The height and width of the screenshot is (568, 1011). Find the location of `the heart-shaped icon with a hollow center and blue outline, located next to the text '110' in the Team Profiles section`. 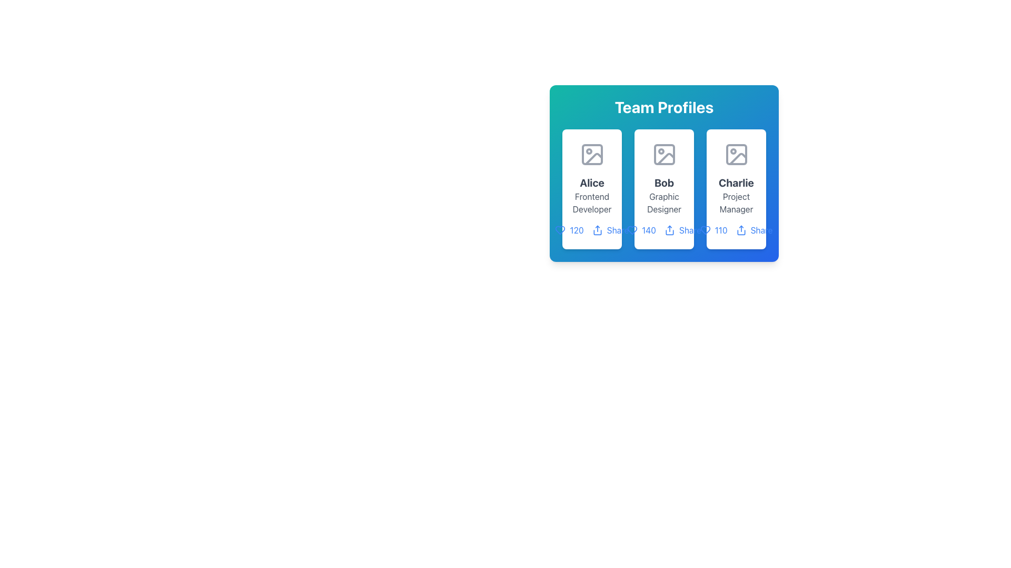

the heart-shaped icon with a hollow center and blue outline, located next to the text '110' in the Team Profiles section is located at coordinates (705, 230).